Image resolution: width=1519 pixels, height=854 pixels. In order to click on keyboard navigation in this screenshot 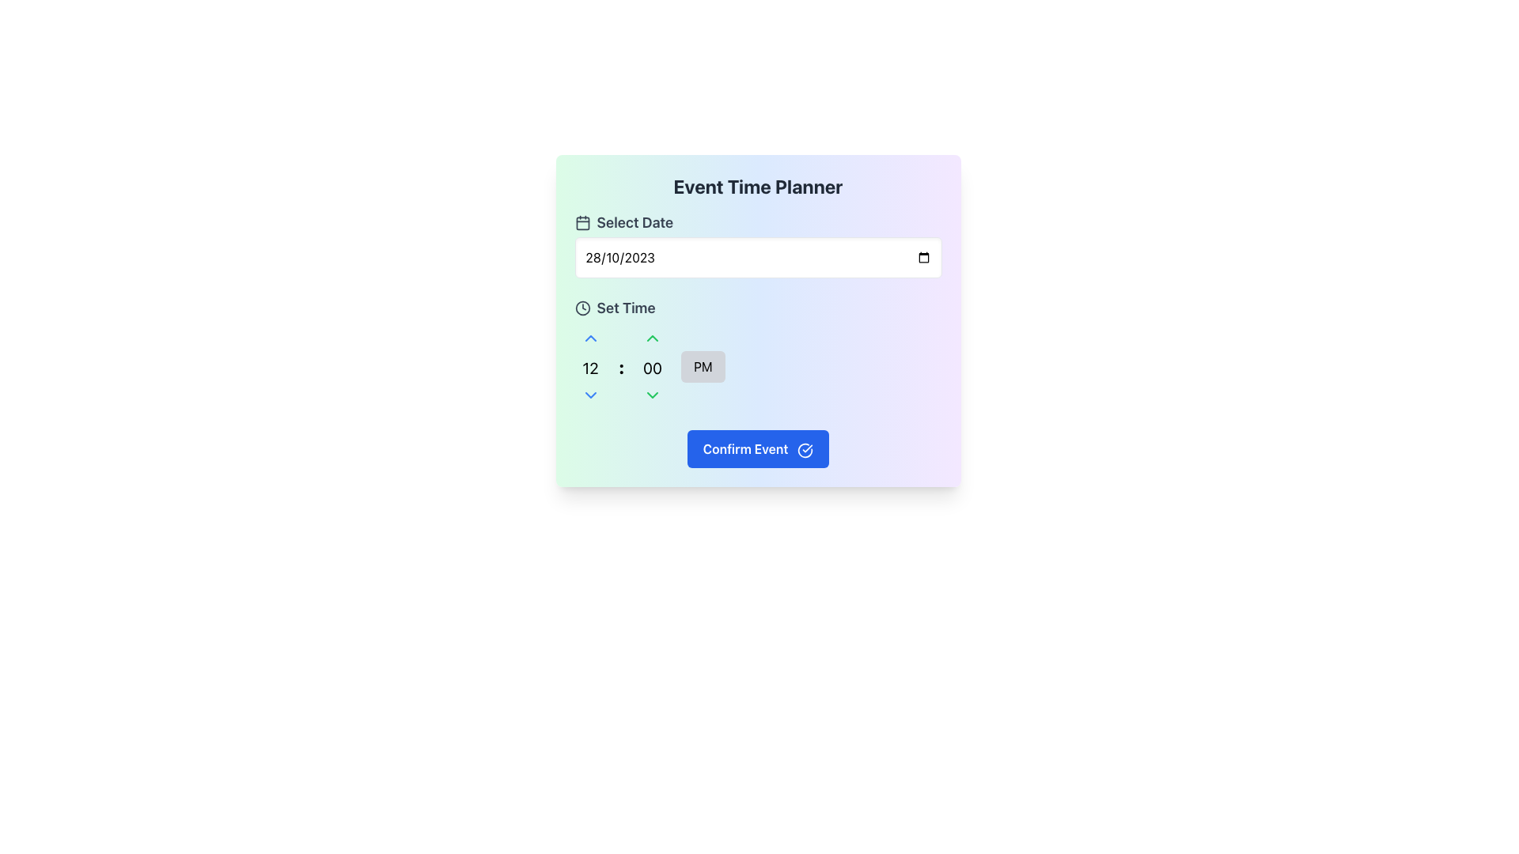, I will do `click(653, 338)`.